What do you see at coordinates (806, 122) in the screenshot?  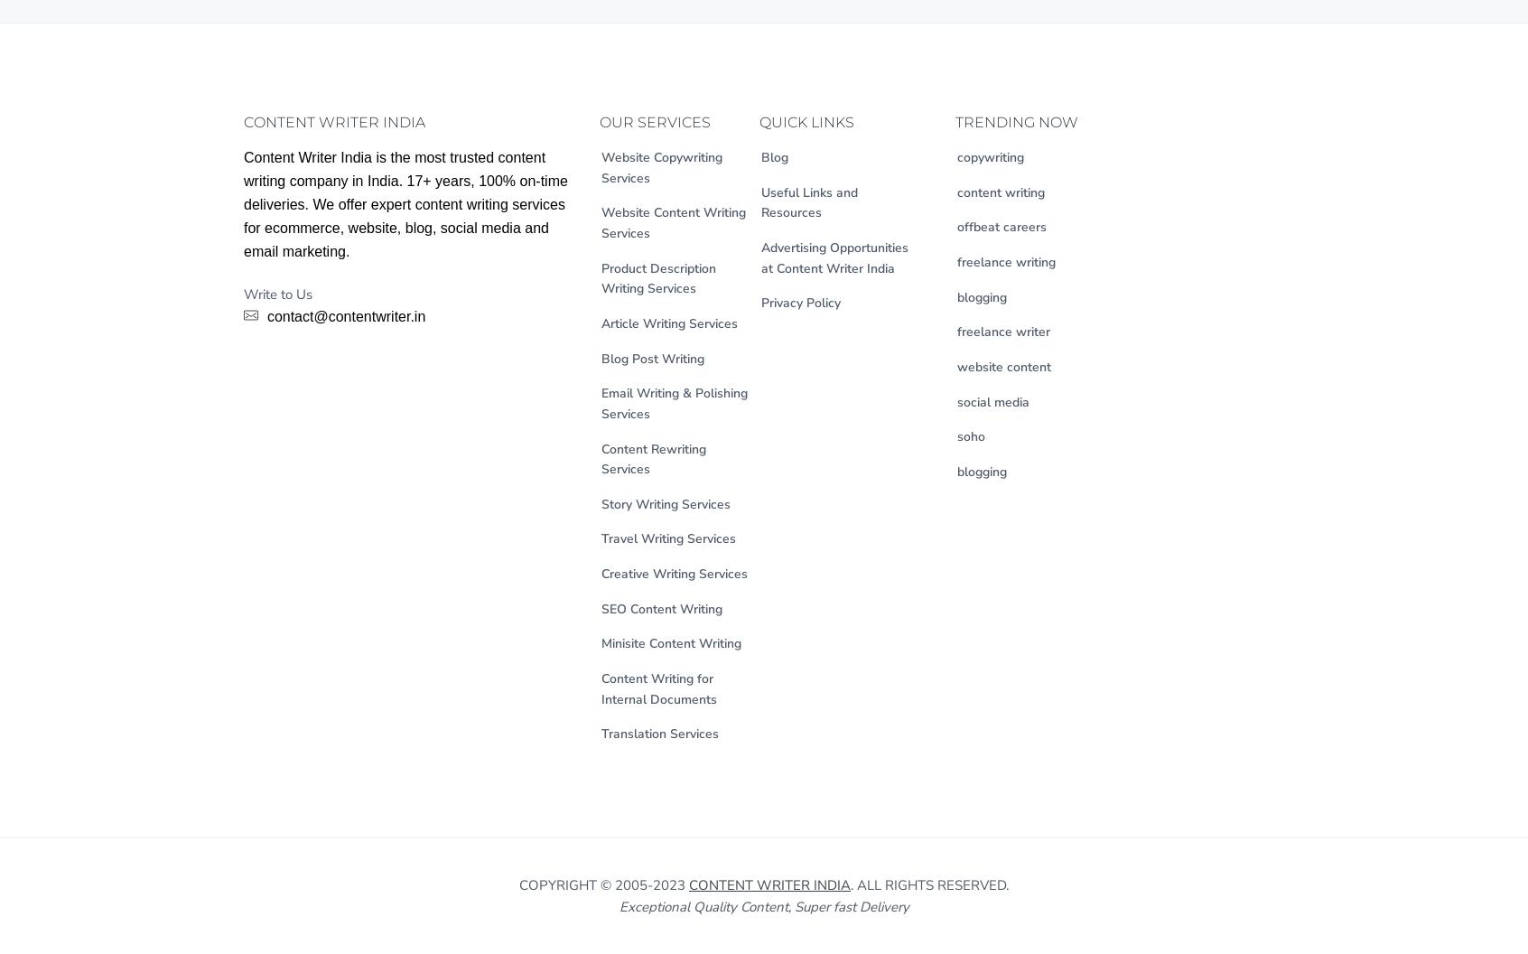 I see `'QUICK LINKS'` at bounding box center [806, 122].